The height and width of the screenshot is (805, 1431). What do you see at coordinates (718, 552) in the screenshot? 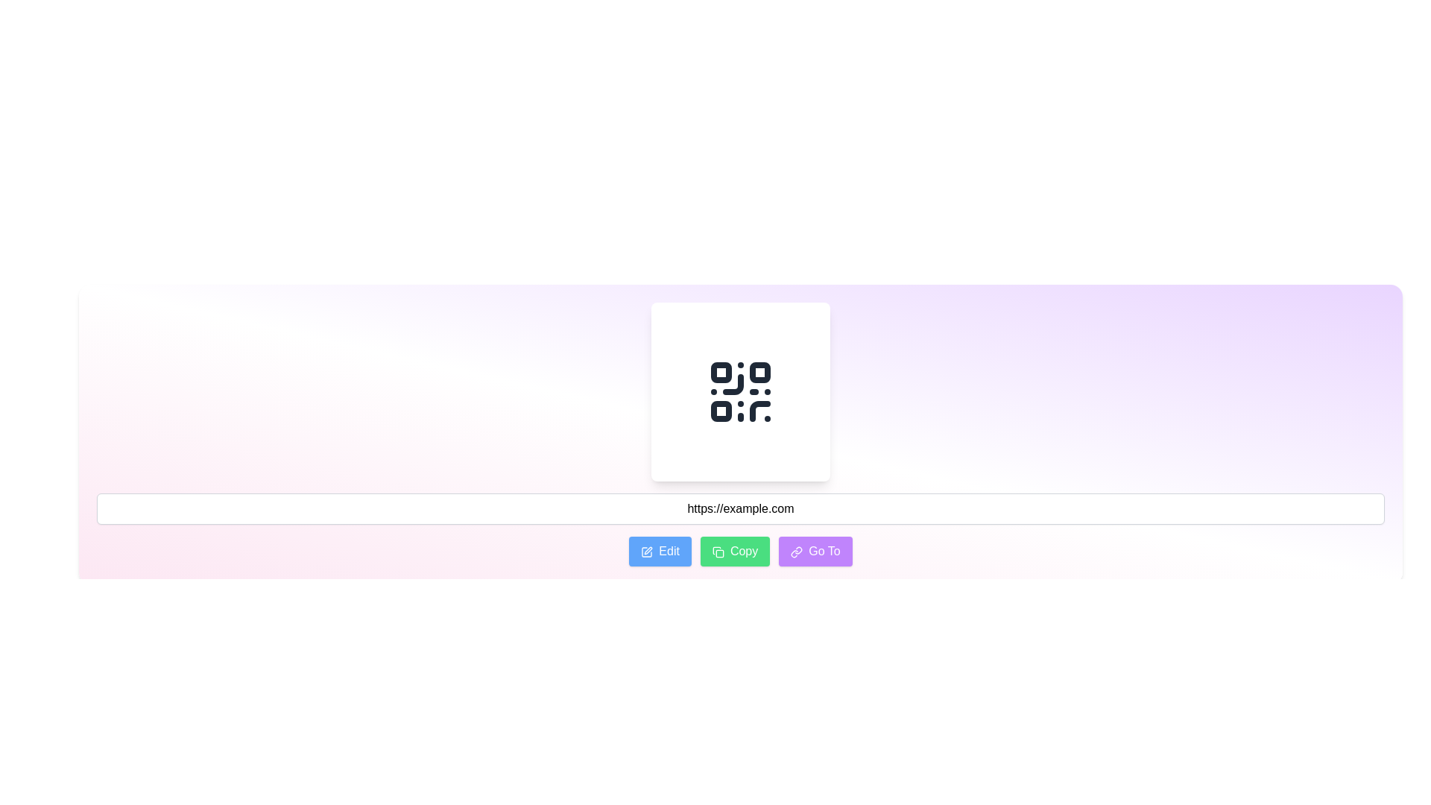
I see `the leftmost 'Copy' icon within the green button located in the middle of the row beneath the URL field` at bounding box center [718, 552].